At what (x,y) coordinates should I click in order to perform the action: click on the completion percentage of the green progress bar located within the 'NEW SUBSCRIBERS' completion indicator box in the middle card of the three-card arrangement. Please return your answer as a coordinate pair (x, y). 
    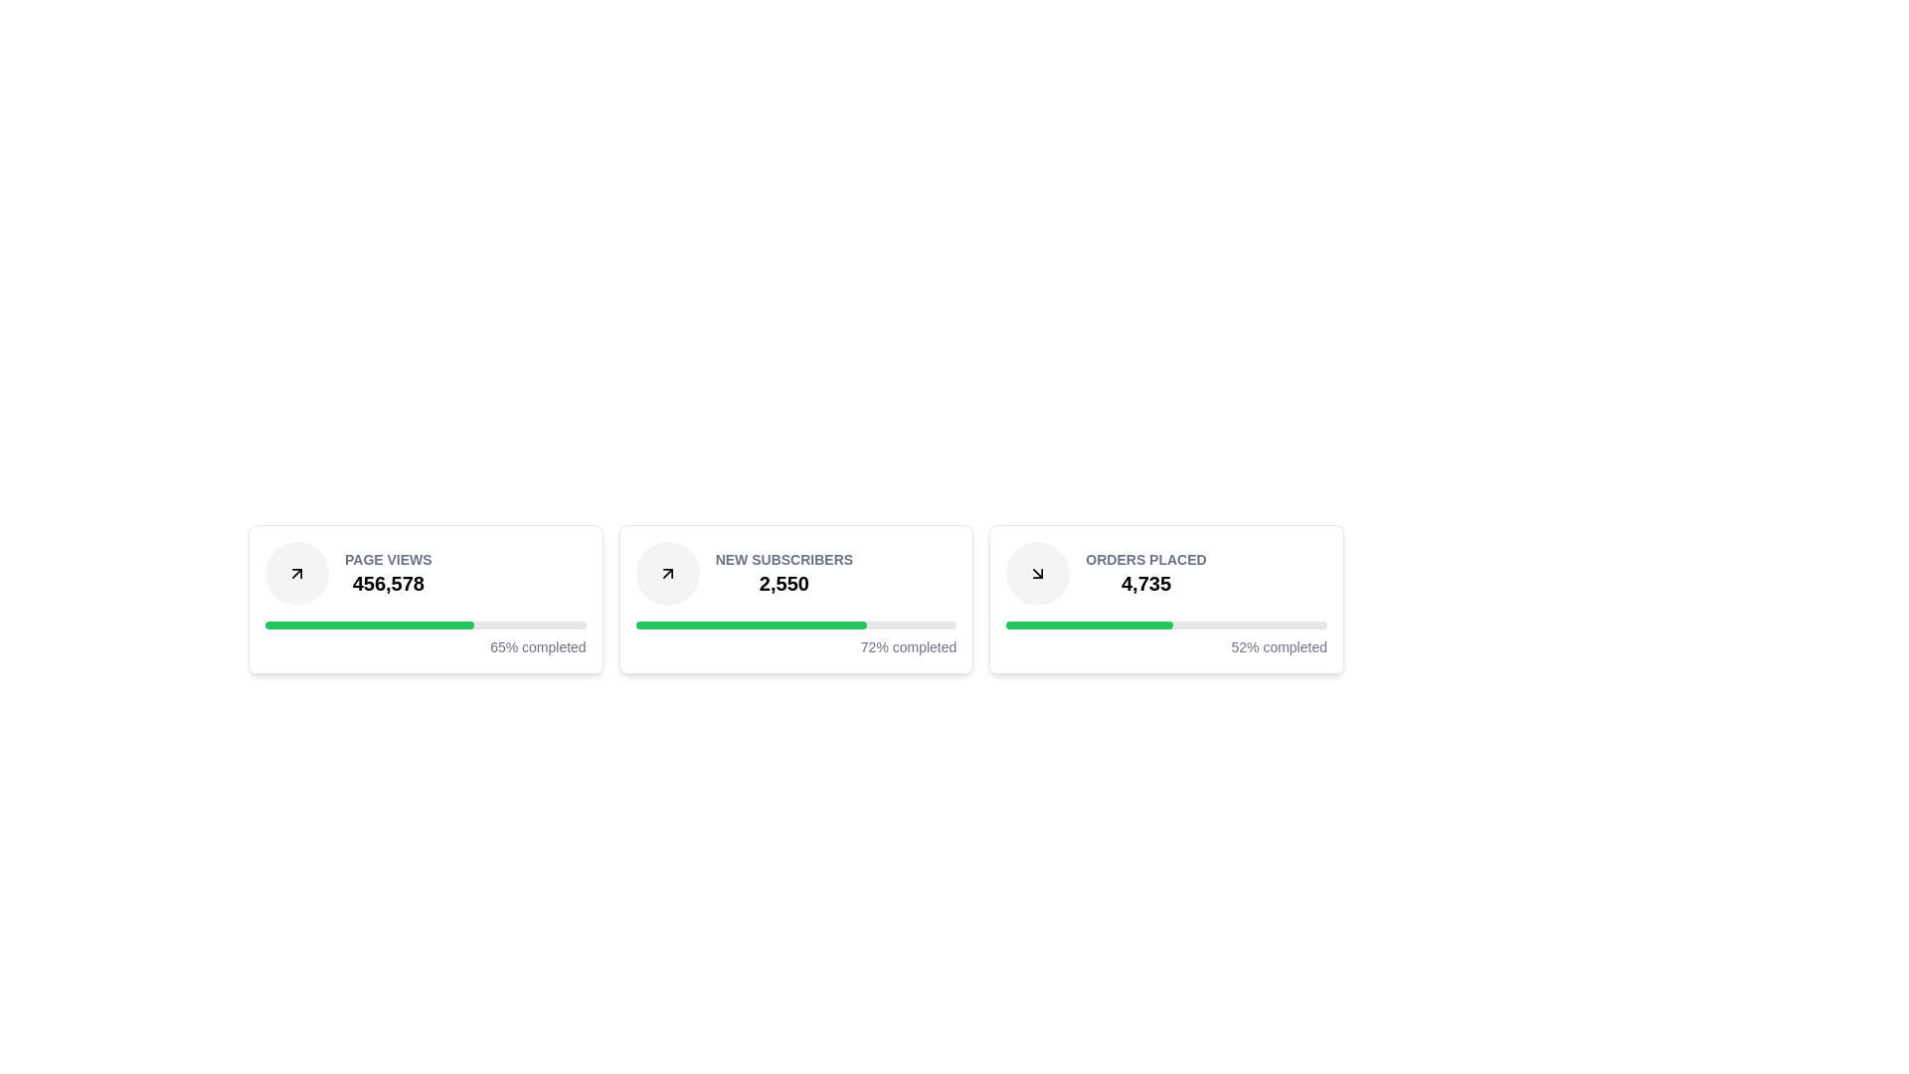
    Looking at the image, I should click on (750, 624).